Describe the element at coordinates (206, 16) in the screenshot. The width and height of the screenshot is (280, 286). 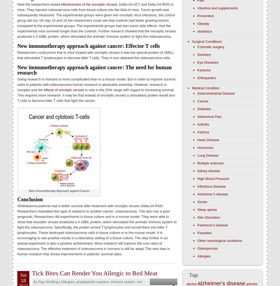
I see `'Prevention'` at that location.